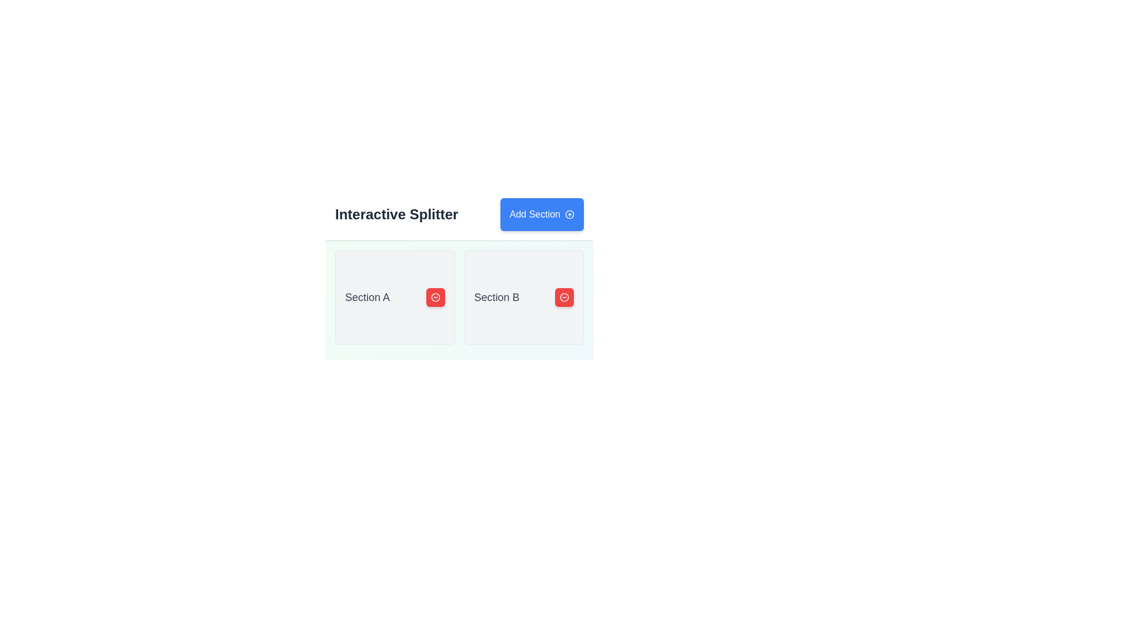 The height and width of the screenshot is (635, 1129). I want to click on the central icon within the button on the second card labeled 'Section B', so click(564, 296).